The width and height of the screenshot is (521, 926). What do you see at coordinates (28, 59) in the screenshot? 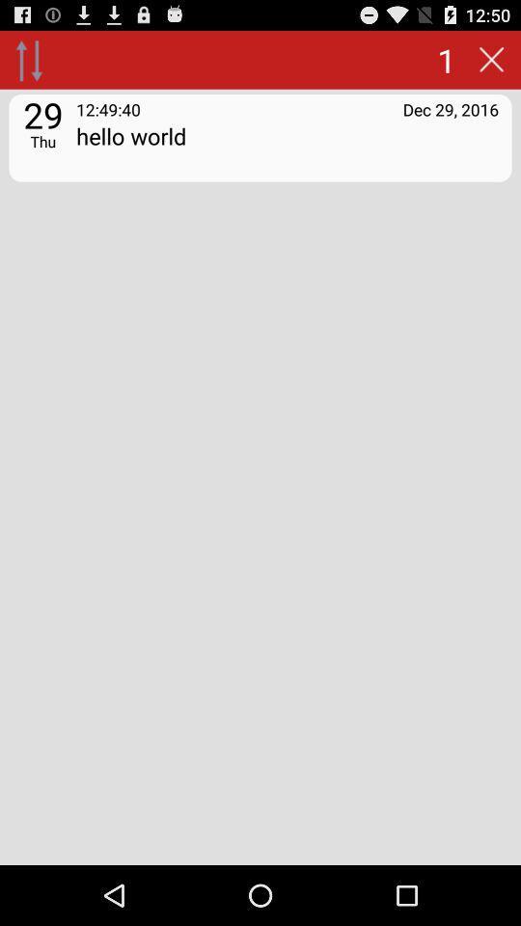
I see `item next to 1` at bounding box center [28, 59].